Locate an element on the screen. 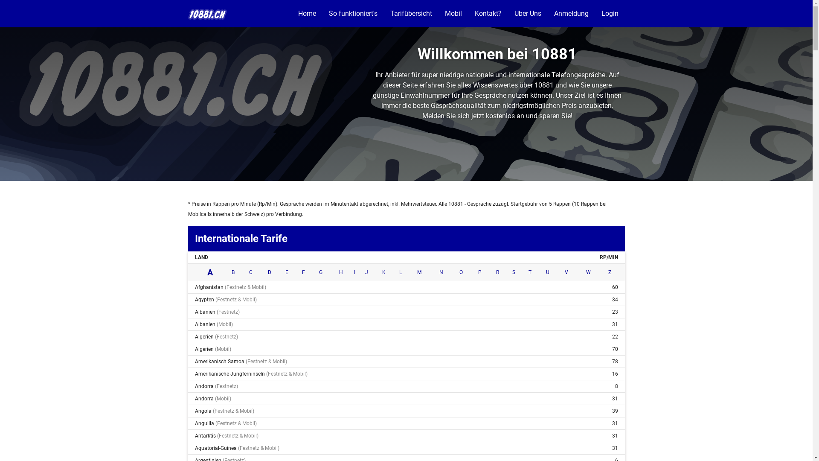 Image resolution: width=819 pixels, height=461 pixels. 'M' is located at coordinates (419, 272).